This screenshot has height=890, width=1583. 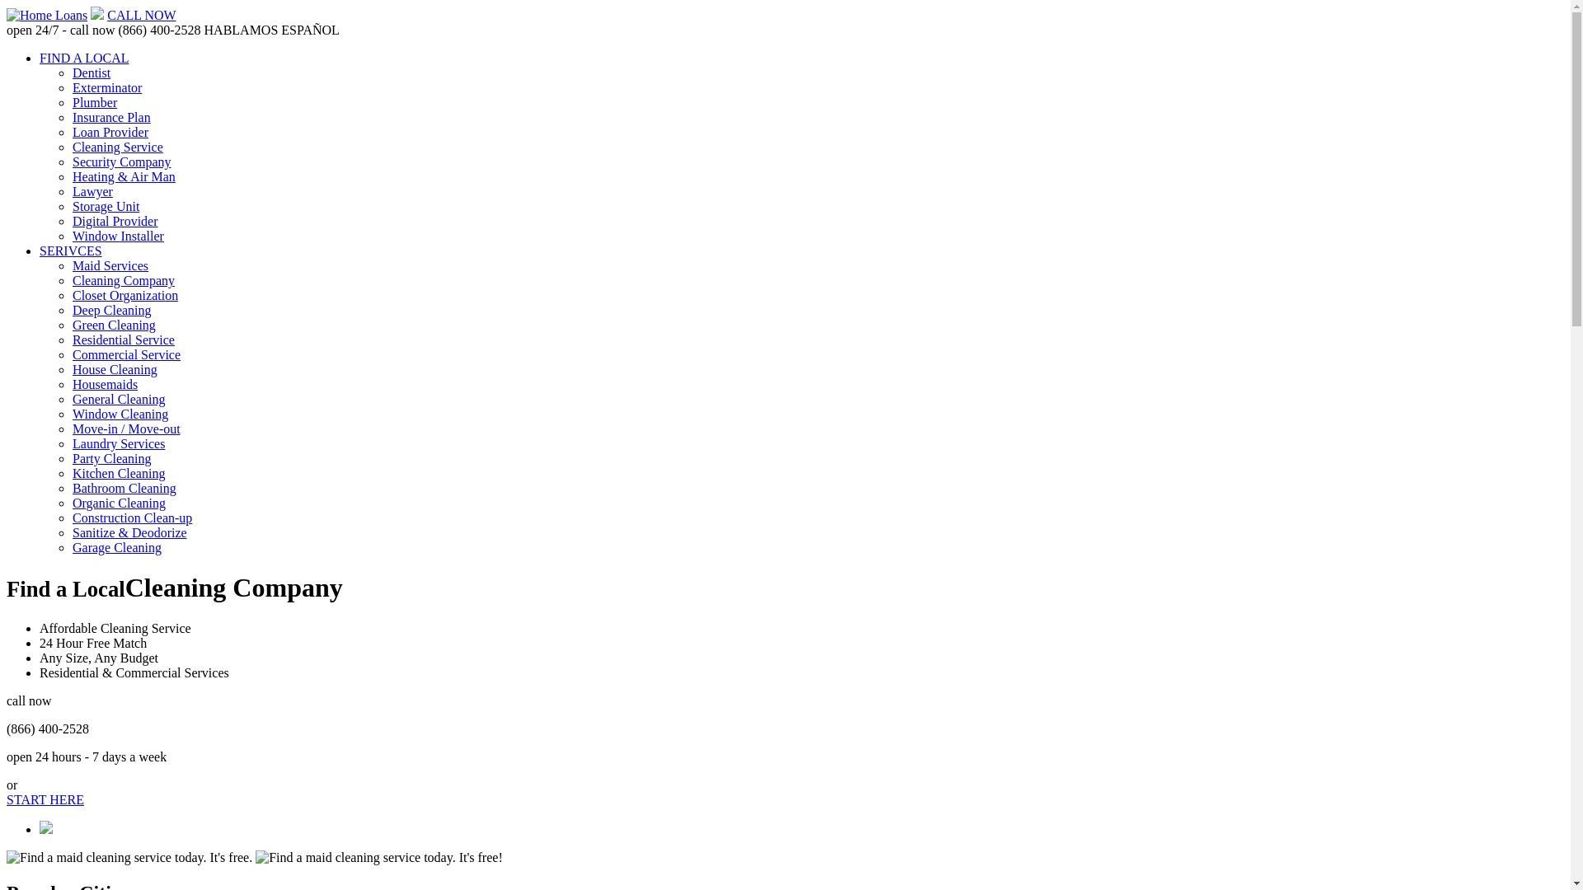 What do you see at coordinates (141, 15) in the screenshot?
I see `'CALL NOW'` at bounding box center [141, 15].